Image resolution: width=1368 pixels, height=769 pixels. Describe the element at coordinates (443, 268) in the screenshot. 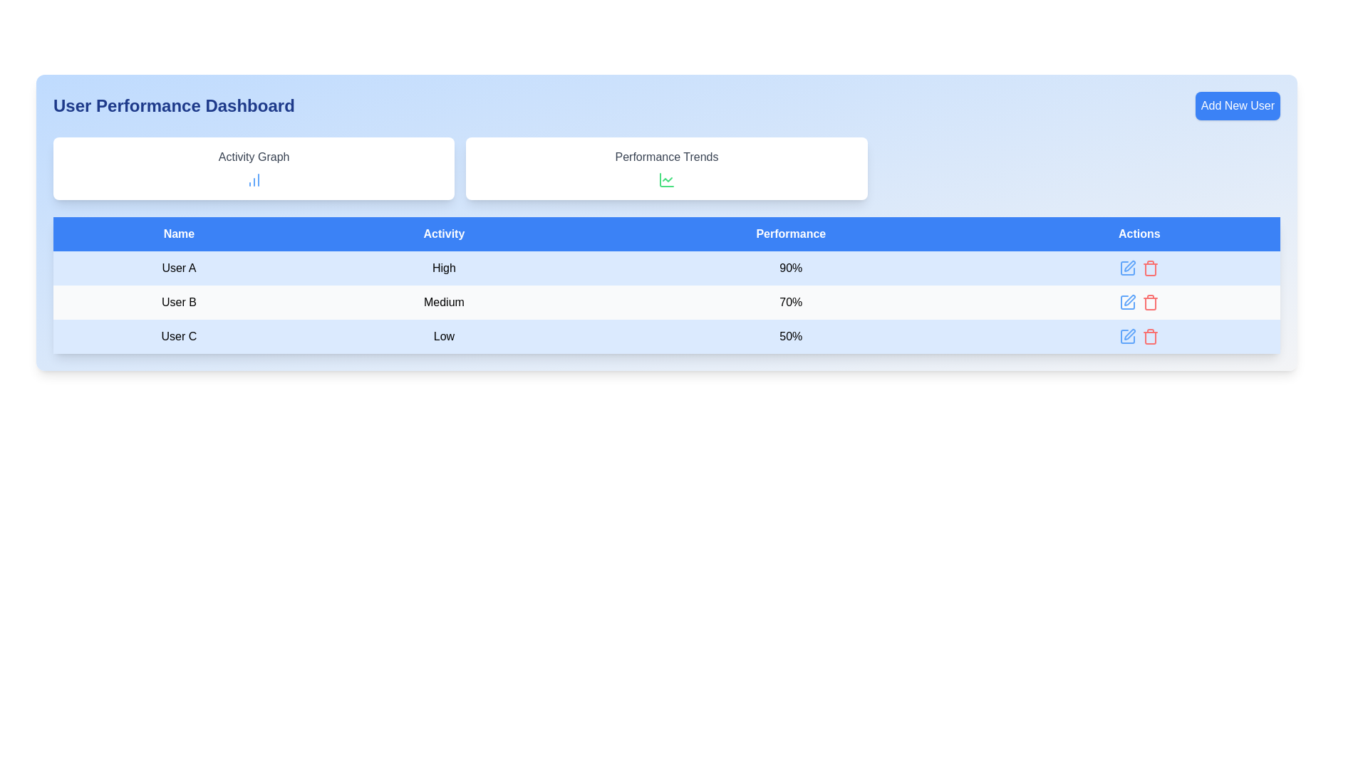

I see `the text label displaying 'High' activity level for 'User A' in the performance dashboard table` at that location.